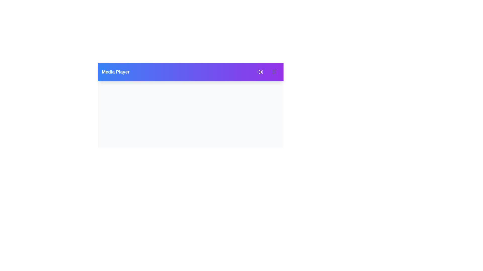 This screenshot has width=483, height=271. I want to click on the play/pause button to toggle the media state, so click(274, 72).